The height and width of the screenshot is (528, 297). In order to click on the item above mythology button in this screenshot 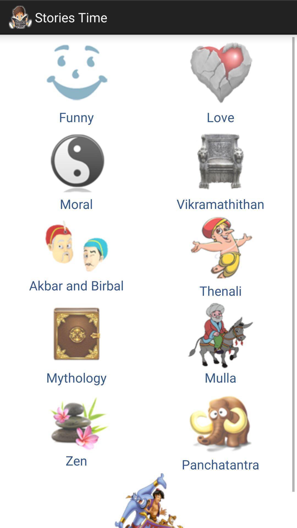, I will do `click(220, 256)`.